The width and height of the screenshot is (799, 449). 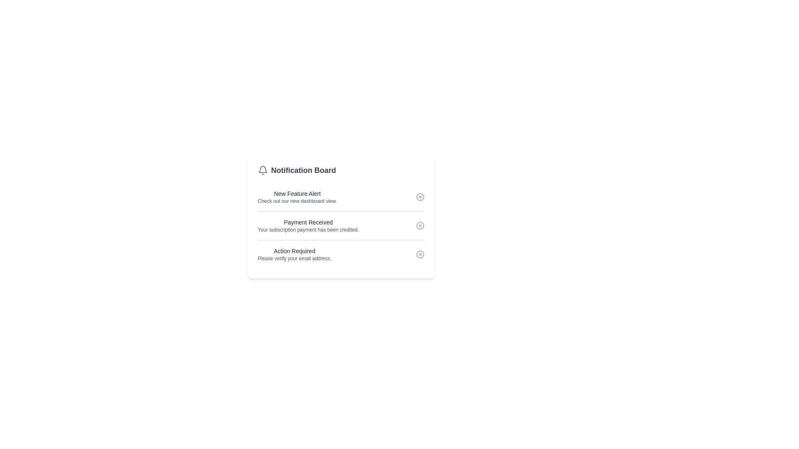 What do you see at coordinates (308, 222) in the screenshot?
I see `the title text of the notification message indicating acknowledgment of a payment, located within the 'Notification Board' card, positioned above the text 'Your subscription payment has been credited.'` at bounding box center [308, 222].